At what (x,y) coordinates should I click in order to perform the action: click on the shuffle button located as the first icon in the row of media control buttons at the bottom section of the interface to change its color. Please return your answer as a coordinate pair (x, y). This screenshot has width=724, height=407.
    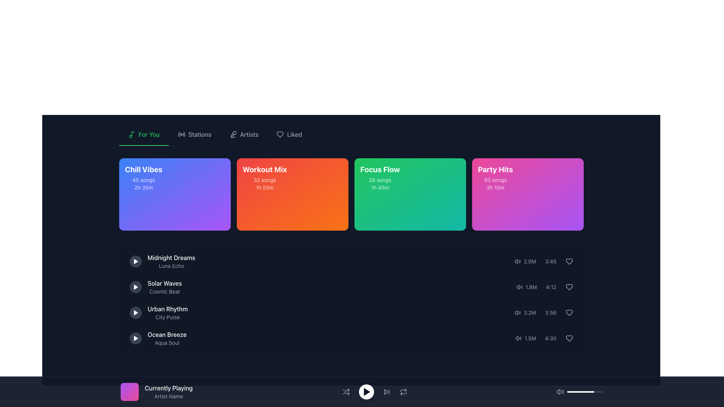
    Looking at the image, I should click on (345, 392).